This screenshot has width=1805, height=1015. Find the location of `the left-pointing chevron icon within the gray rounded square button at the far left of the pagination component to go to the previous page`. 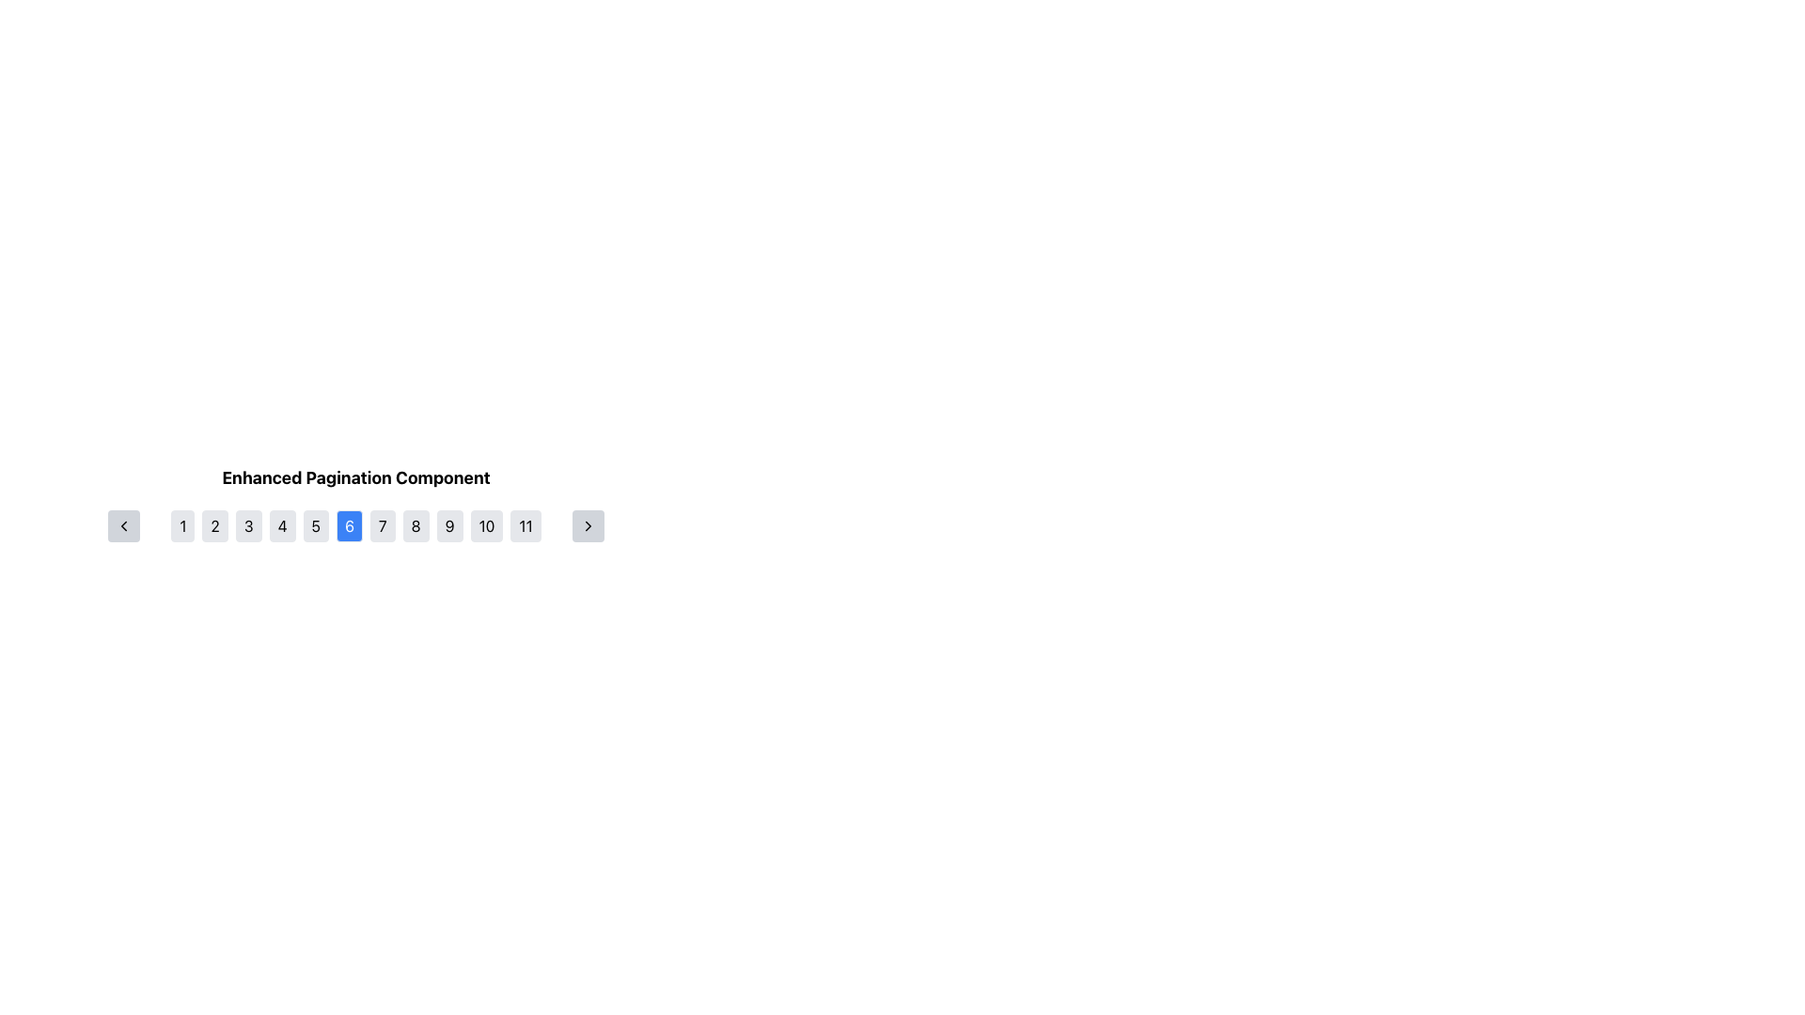

the left-pointing chevron icon within the gray rounded square button at the far left of the pagination component to go to the previous page is located at coordinates (123, 525).